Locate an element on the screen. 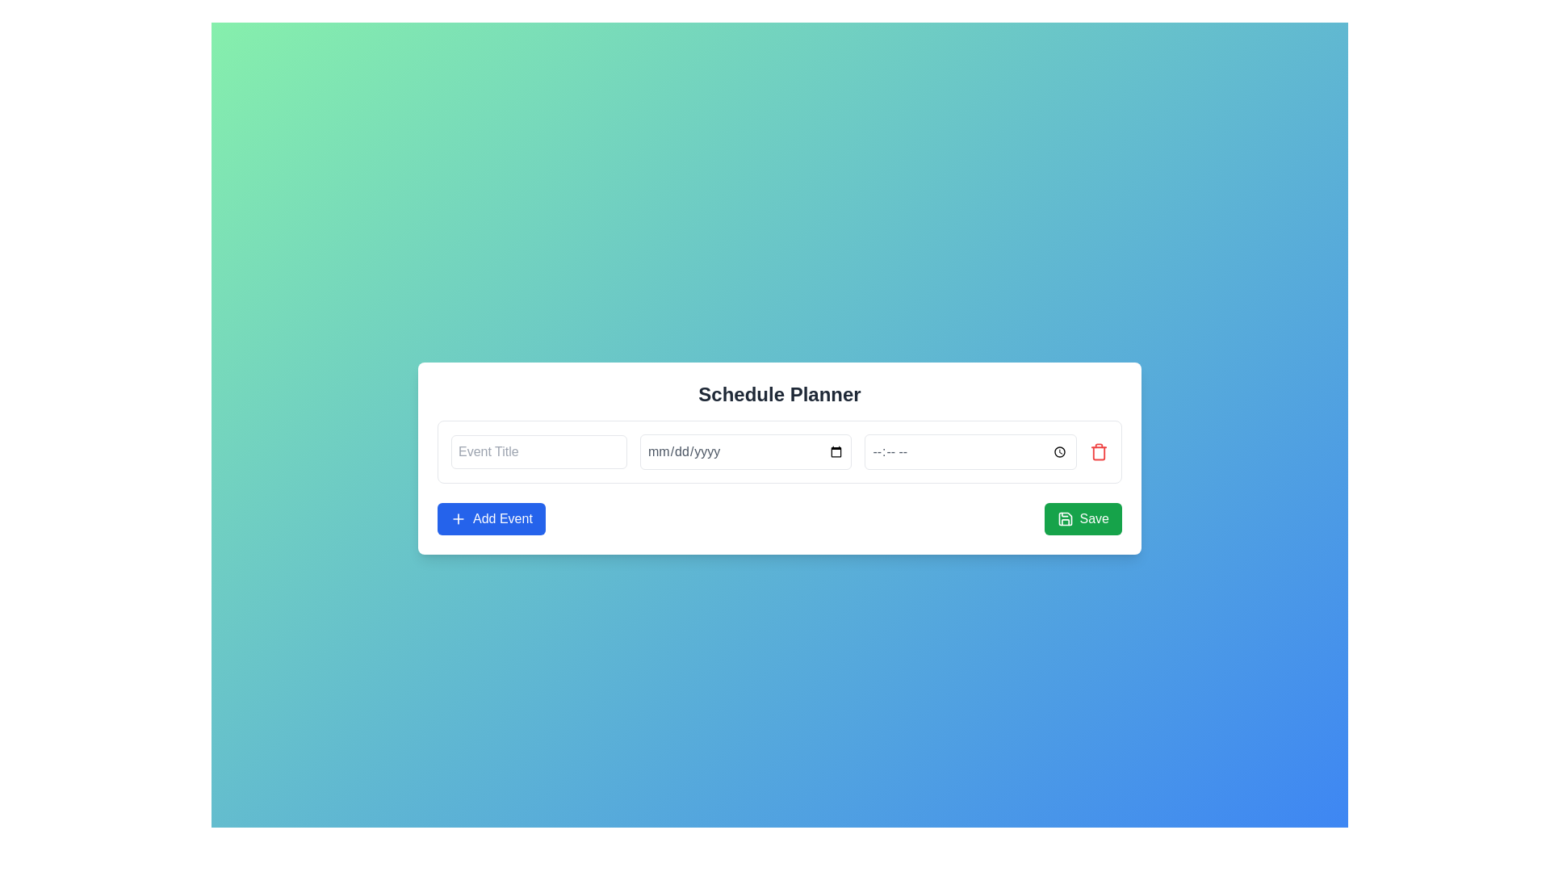 The image size is (1550, 872). a date from the dropdown calendar in the Date input field, which is centrally positioned between a text input field and a time input field is located at coordinates (745, 451).